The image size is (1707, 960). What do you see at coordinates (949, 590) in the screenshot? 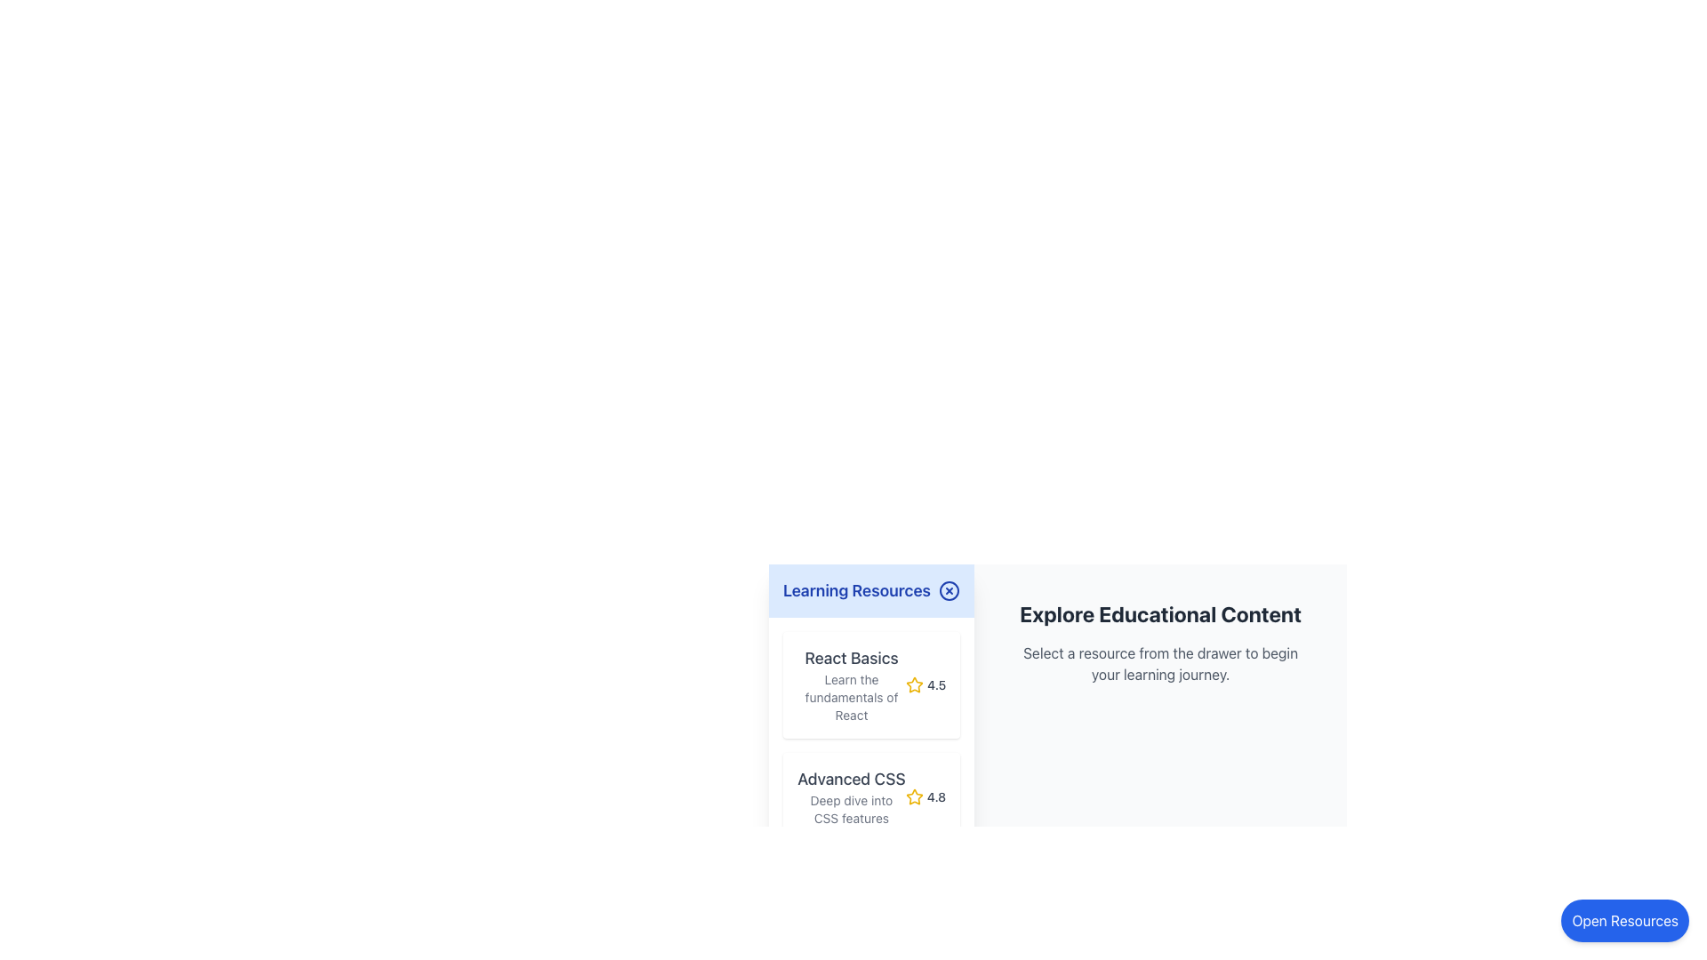
I see `the close button located at the top-right corner of the 'Learning Resources' header` at bounding box center [949, 590].